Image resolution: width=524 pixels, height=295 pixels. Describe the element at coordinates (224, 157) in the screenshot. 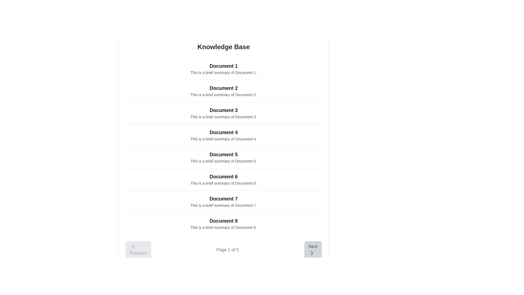

I see `the fifth list item displaying the title and summary of Document 5 by clicking on it` at that location.